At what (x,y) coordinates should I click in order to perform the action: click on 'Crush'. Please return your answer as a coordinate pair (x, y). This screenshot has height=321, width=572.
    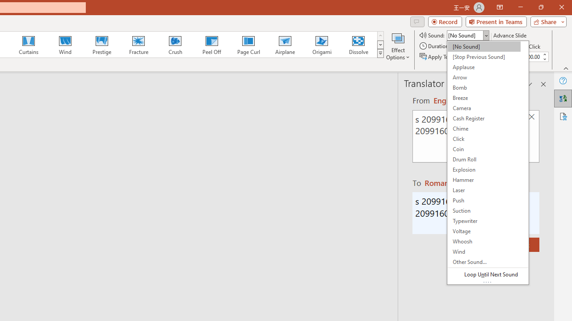
    Looking at the image, I should click on (175, 45).